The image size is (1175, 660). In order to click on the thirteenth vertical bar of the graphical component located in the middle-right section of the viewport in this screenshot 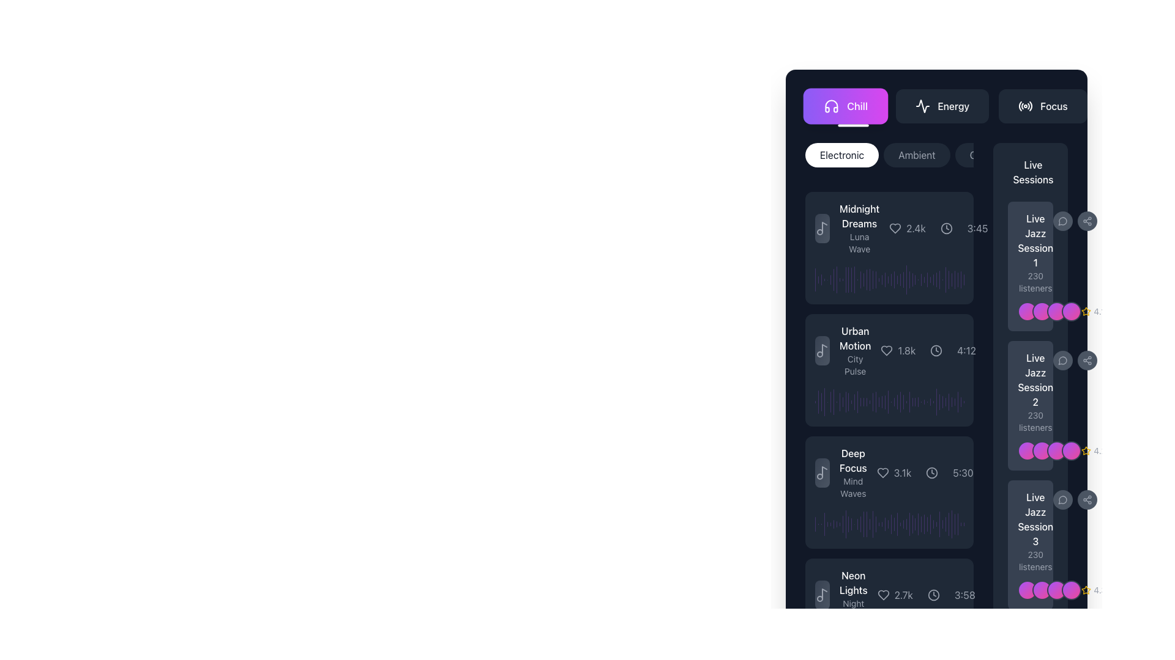, I will do `click(851, 280)`.